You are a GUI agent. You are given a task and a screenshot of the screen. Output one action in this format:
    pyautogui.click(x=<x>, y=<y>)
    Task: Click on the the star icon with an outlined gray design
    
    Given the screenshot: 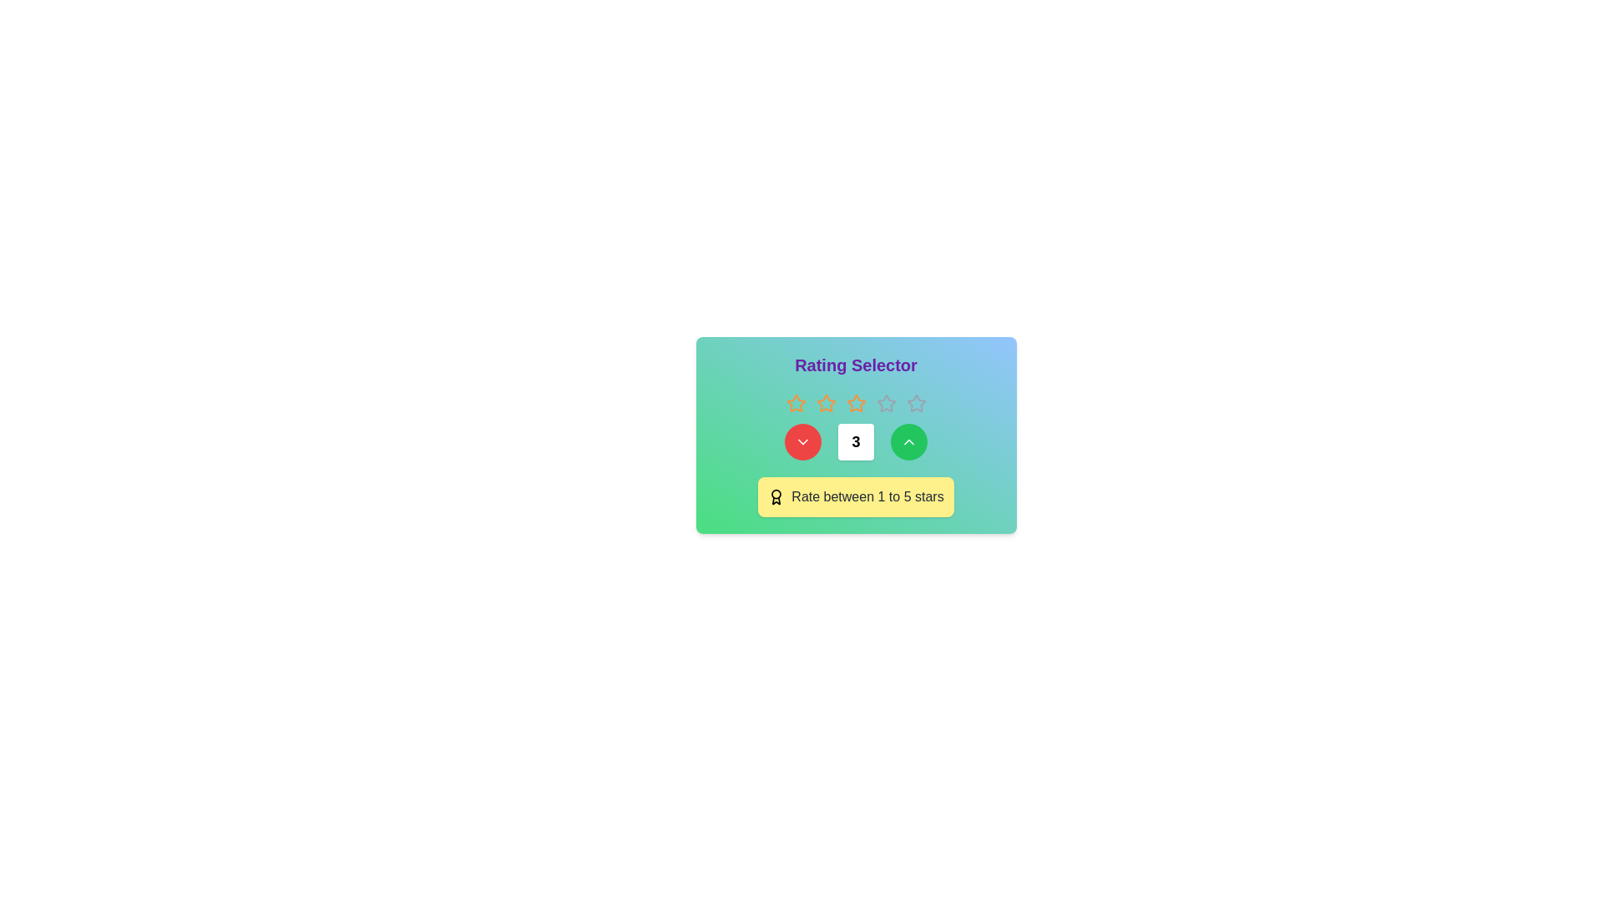 What is the action you would take?
    pyautogui.click(x=885, y=403)
    